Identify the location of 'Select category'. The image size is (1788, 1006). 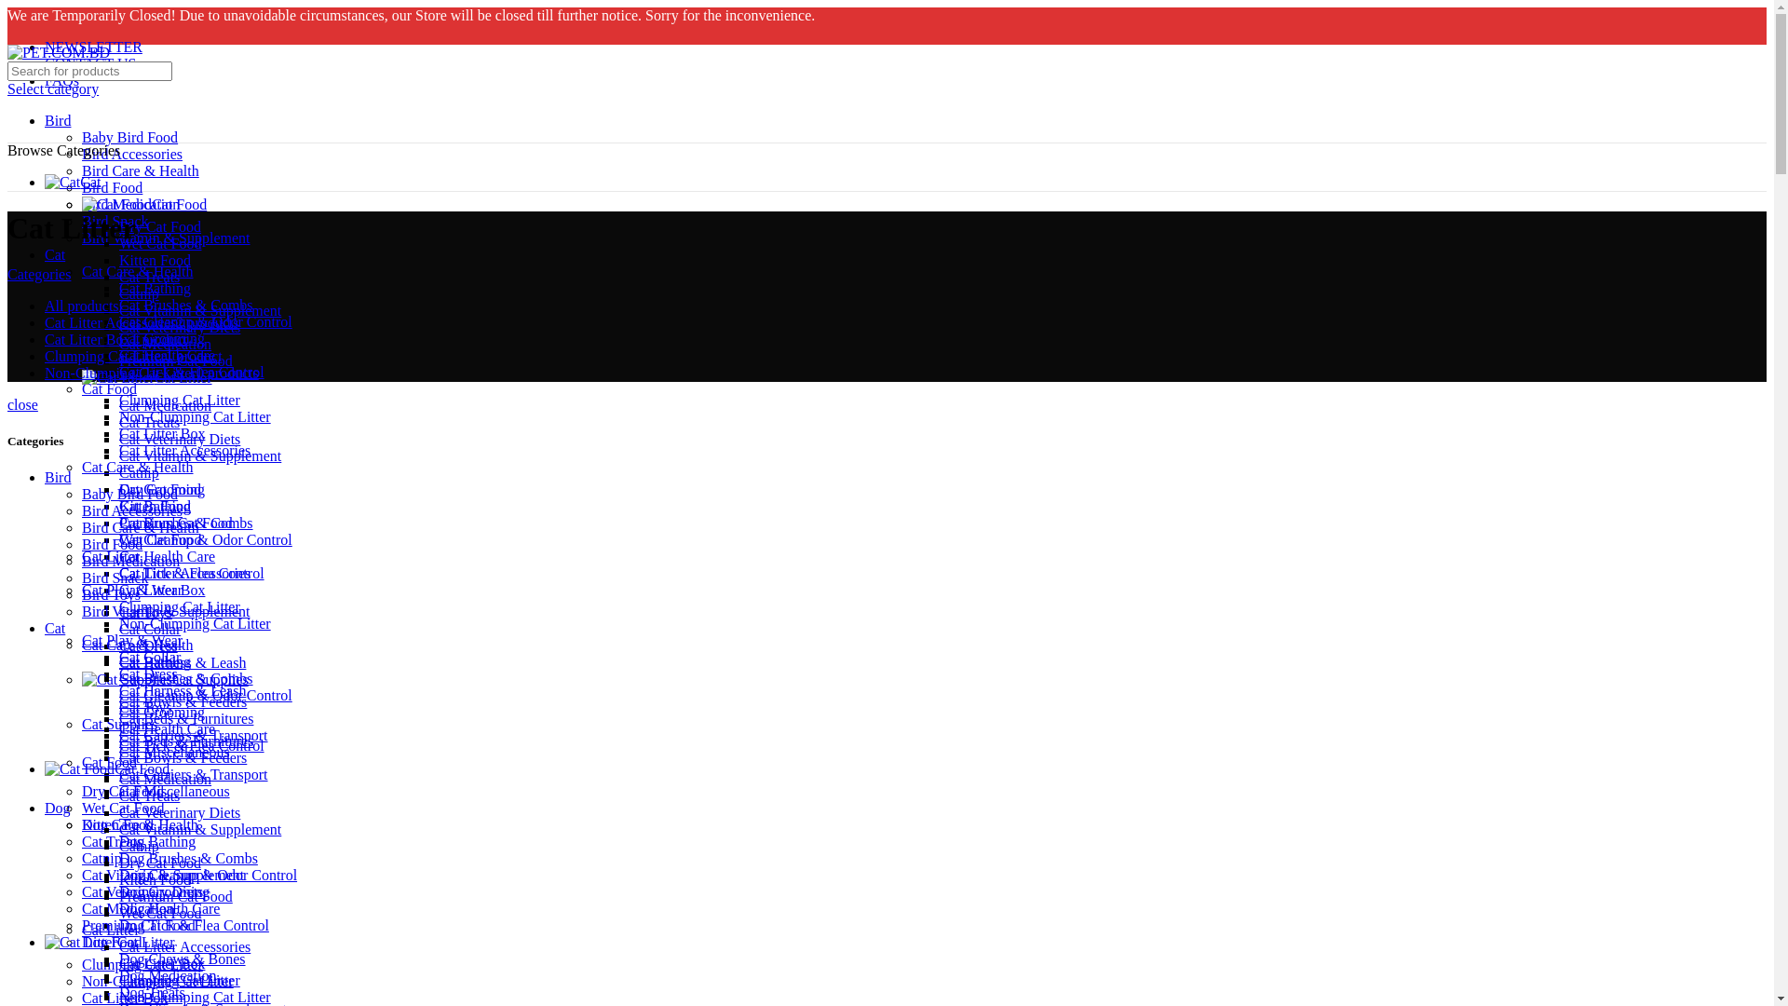
(7, 88).